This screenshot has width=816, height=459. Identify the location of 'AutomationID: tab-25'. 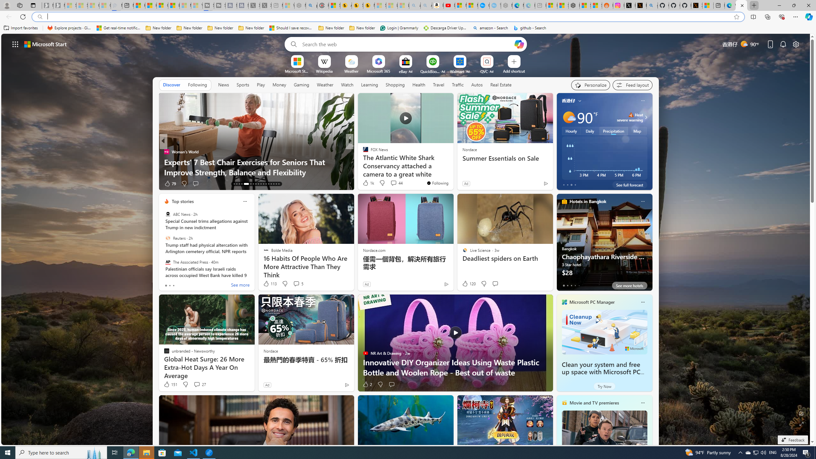
(268, 184).